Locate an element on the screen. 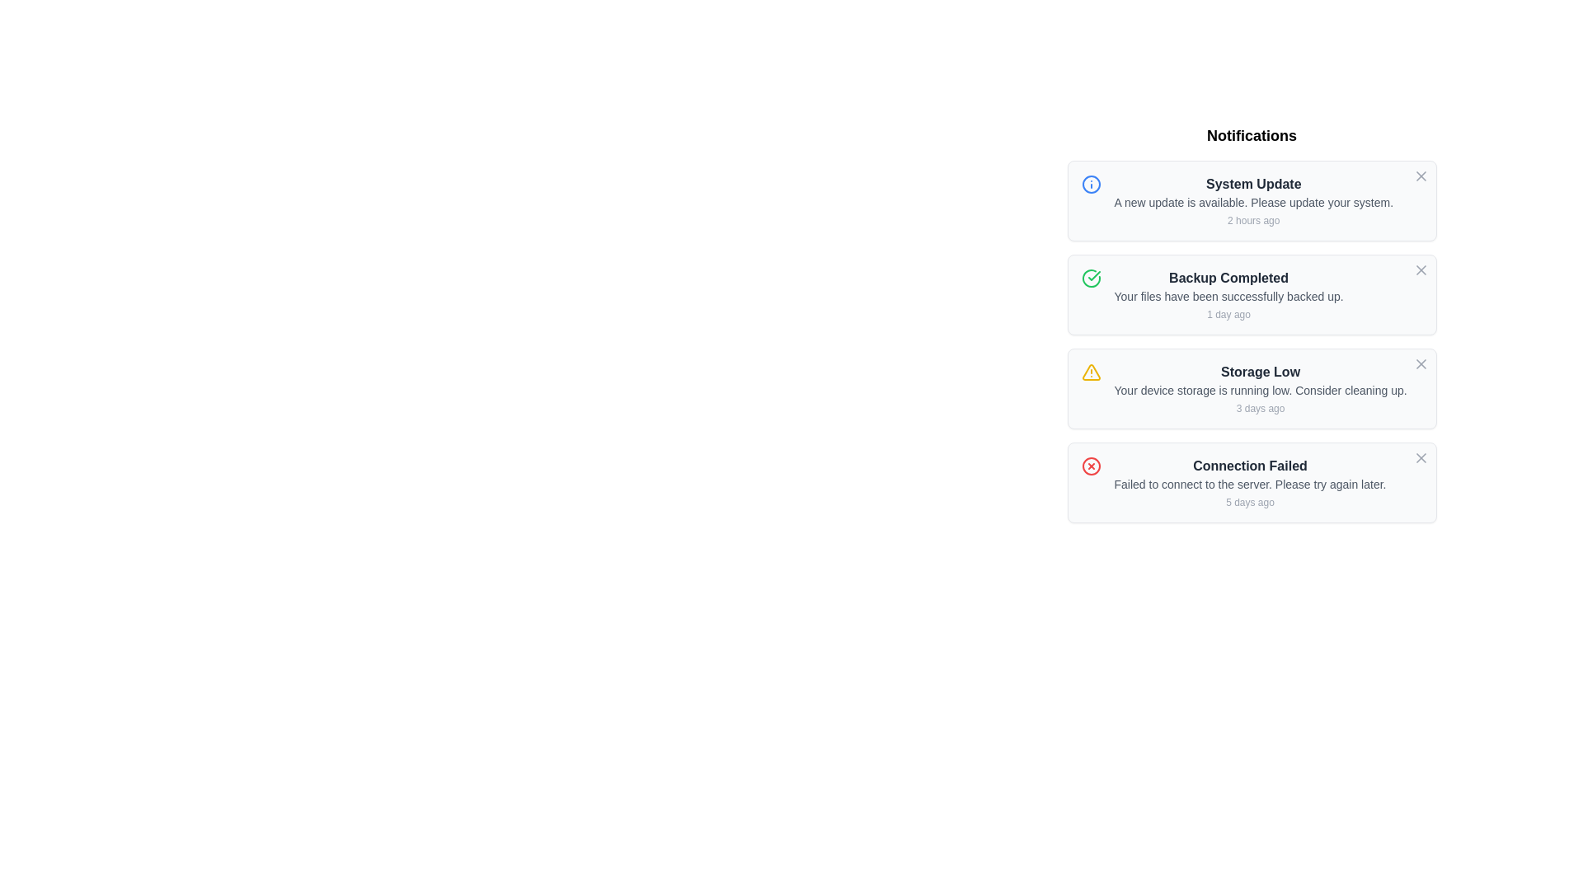  the Text Label element displaying '1 day ago' which is located at the bottom of the notification box titled 'Backup Completed' is located at coordinates (1228, 314).